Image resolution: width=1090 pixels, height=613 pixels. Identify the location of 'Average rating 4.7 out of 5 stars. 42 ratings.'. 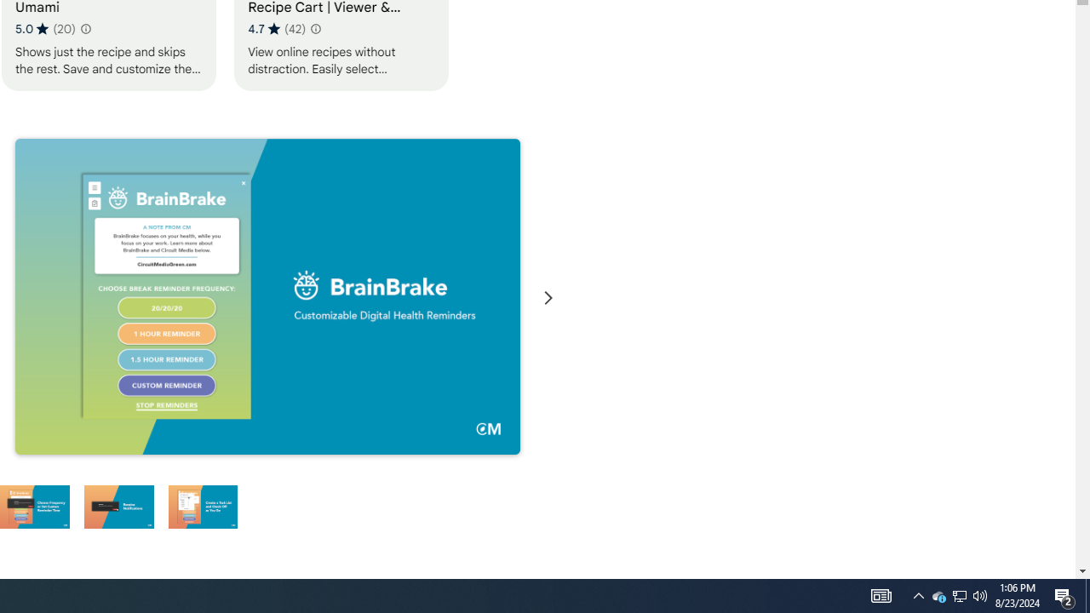
(277, 28).